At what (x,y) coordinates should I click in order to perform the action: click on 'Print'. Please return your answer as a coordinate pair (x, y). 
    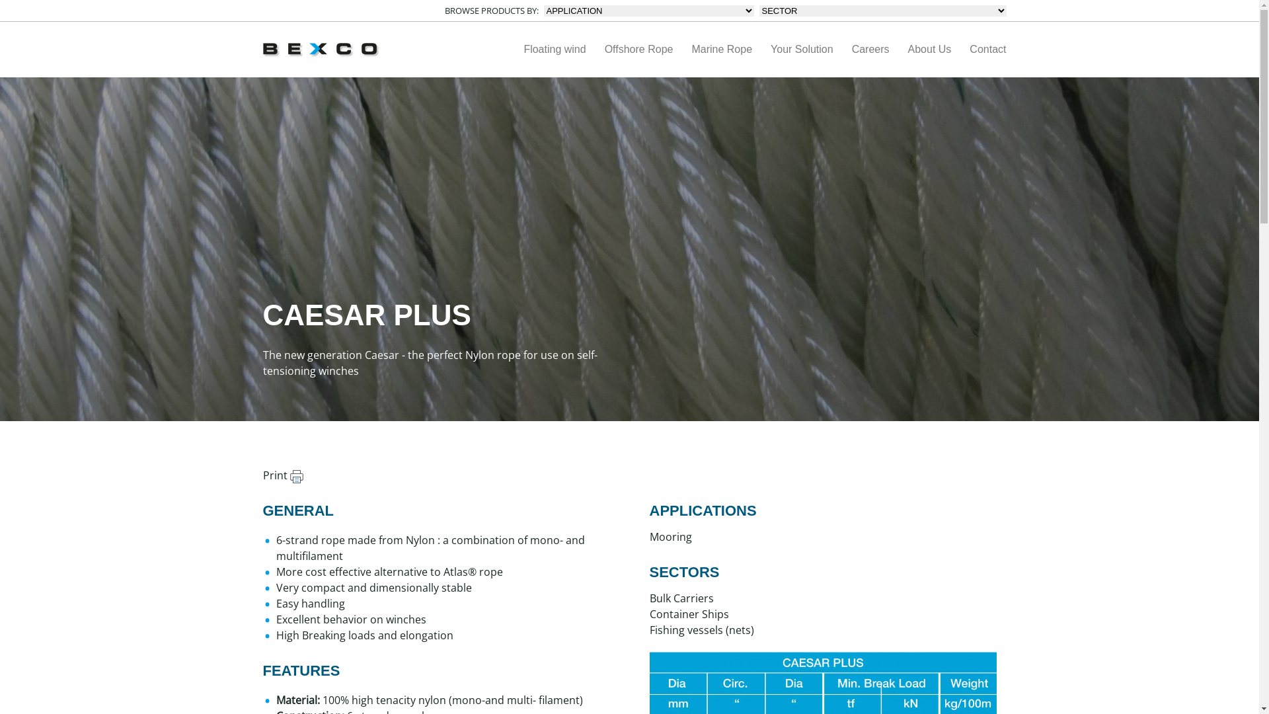
    Looking at the image, I should click on (282, 474).